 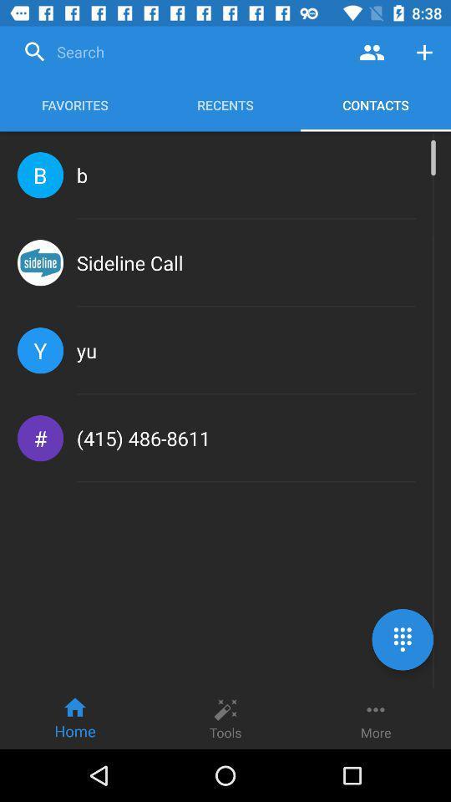 What do you see at coordinates (402, 638) in the screenshot?
I see `open number pad` at bounding box center [402, 638].